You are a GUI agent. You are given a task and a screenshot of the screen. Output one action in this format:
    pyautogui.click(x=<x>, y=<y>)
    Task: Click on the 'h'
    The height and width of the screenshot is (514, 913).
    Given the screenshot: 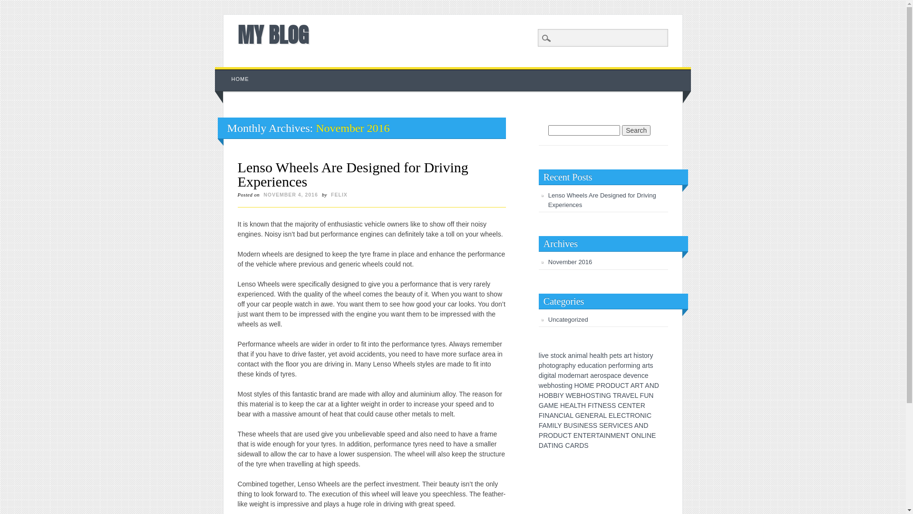 What is the action you would take?
    pyautogui.click(x=591, y=356)
    